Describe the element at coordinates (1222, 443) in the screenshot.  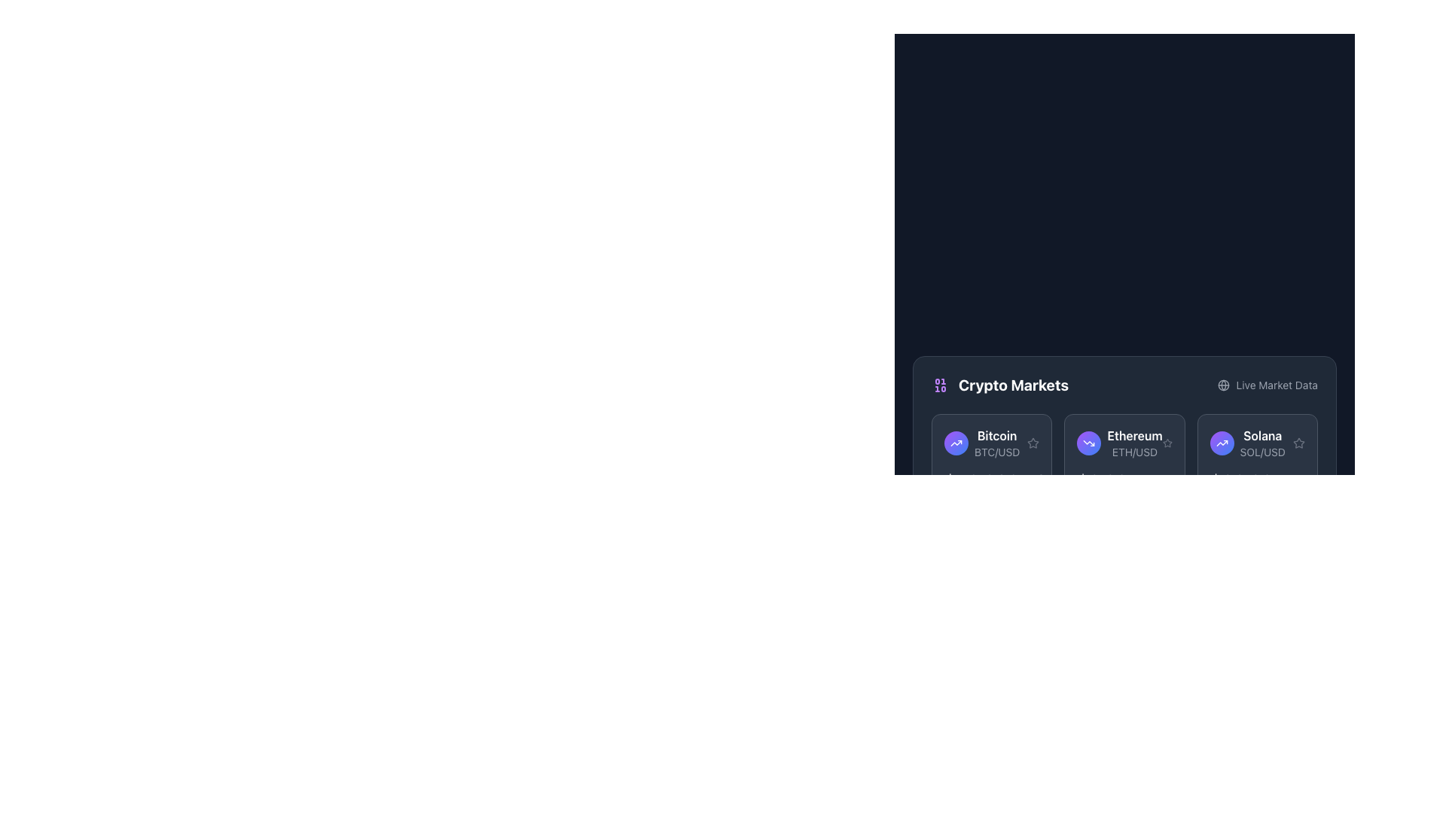
I see `the circular gradient icon with a trending arrow in the center, located in the 'Solana' section of the 'Crypto Markets' panel` at that location.